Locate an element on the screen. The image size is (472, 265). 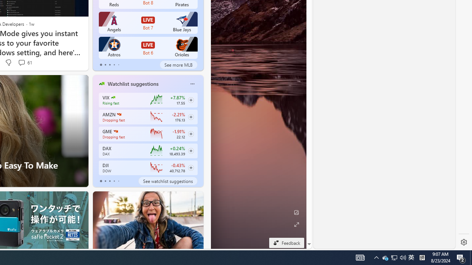
'GAMESTOP CORP.' is located at coordinates (115, 131).